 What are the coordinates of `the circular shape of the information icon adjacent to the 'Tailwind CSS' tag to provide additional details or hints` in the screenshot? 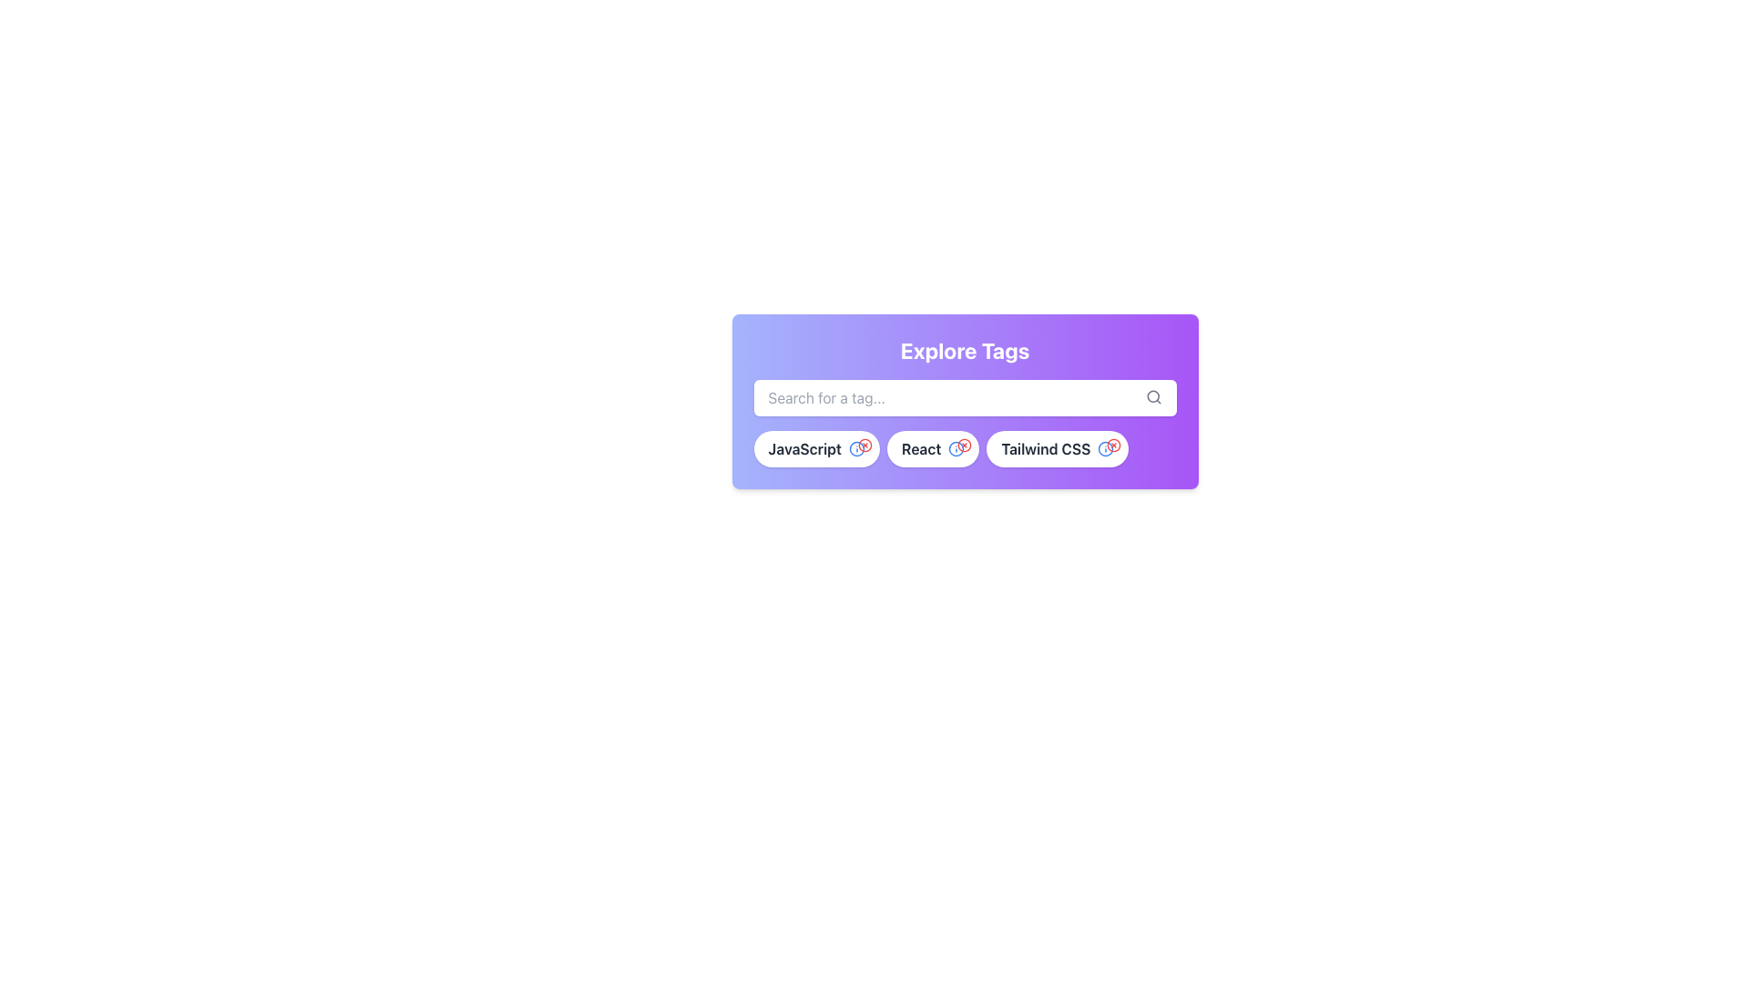 It's located at (1105, 449).